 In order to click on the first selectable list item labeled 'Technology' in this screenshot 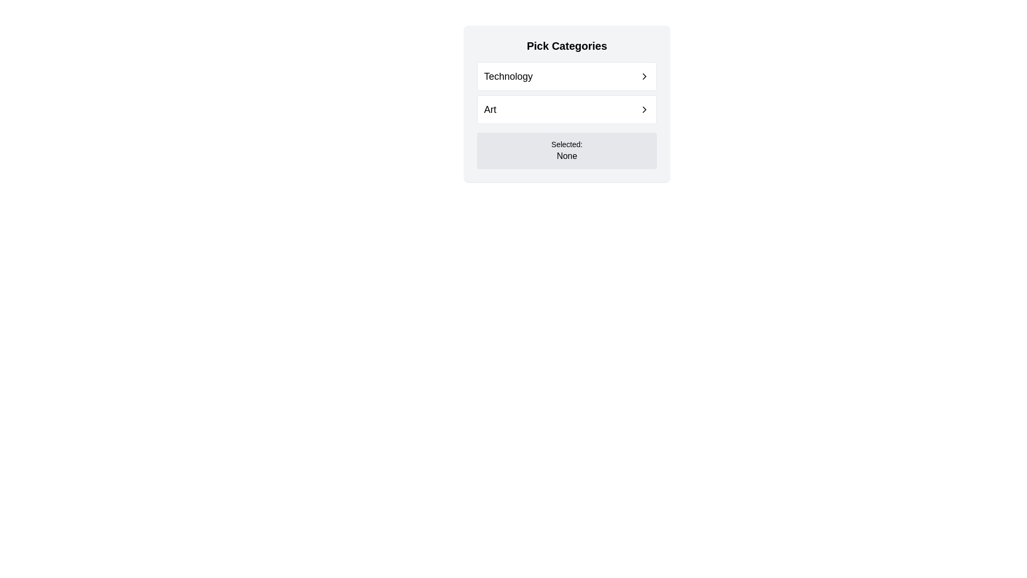, I will do `click(566, 75)`.